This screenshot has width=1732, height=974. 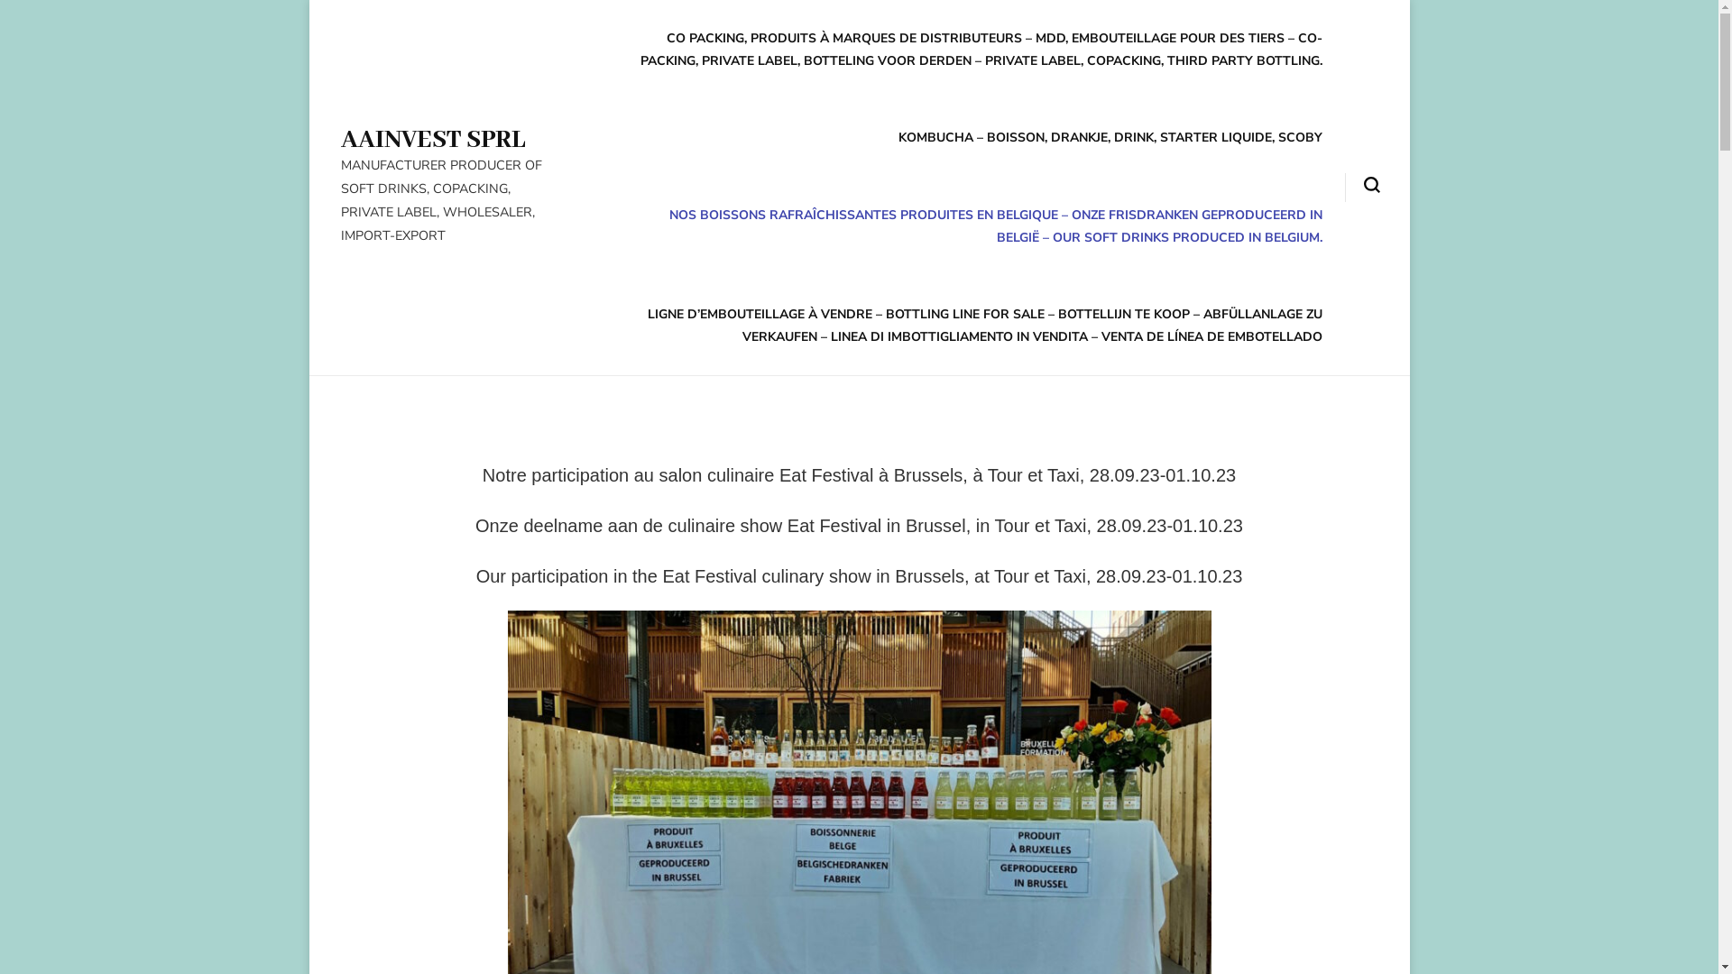 What do you see at coordinates (433, 139) in the screenshot?
I see `'AAINVEST SPRL'` at bounding box center [433, 139].